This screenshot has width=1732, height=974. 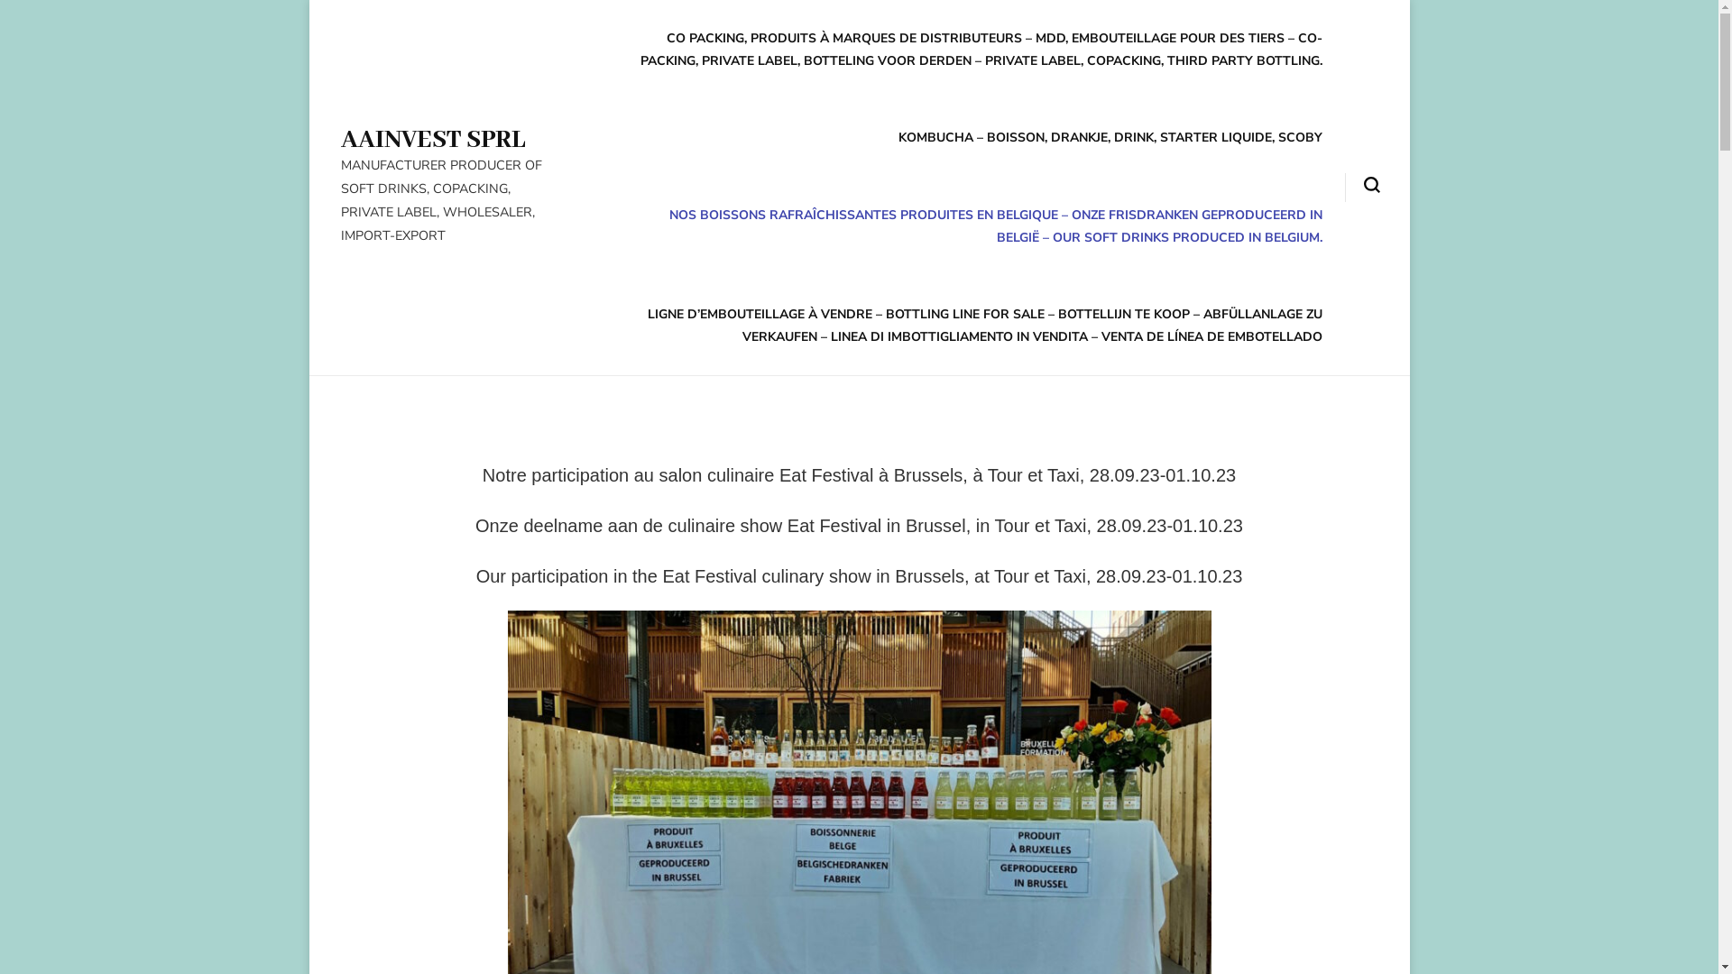 What do you see at coordinates (433, 139) in the screenshot?
I see `'AAINVEST SPRL'` at bounding box center [433, 139].